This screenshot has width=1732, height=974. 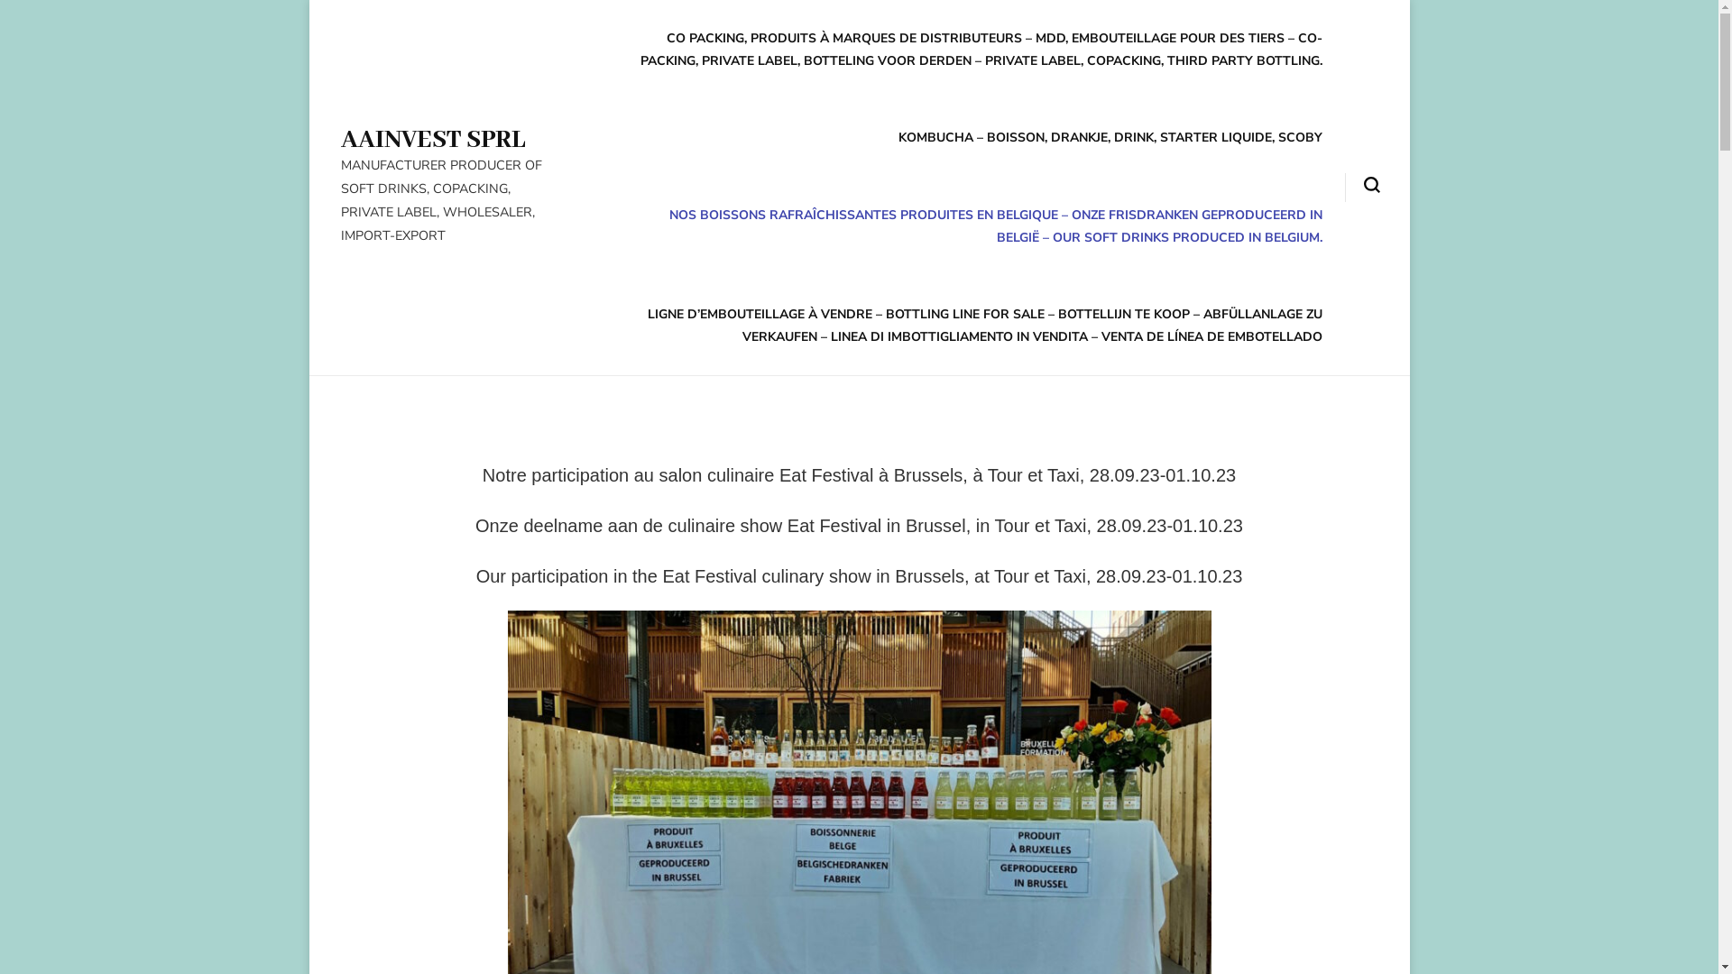 What do you see at coordinates (433, 139) in the screenshot?
I see `'AAINVEST SPRL'` at bounding box center [433, 139].